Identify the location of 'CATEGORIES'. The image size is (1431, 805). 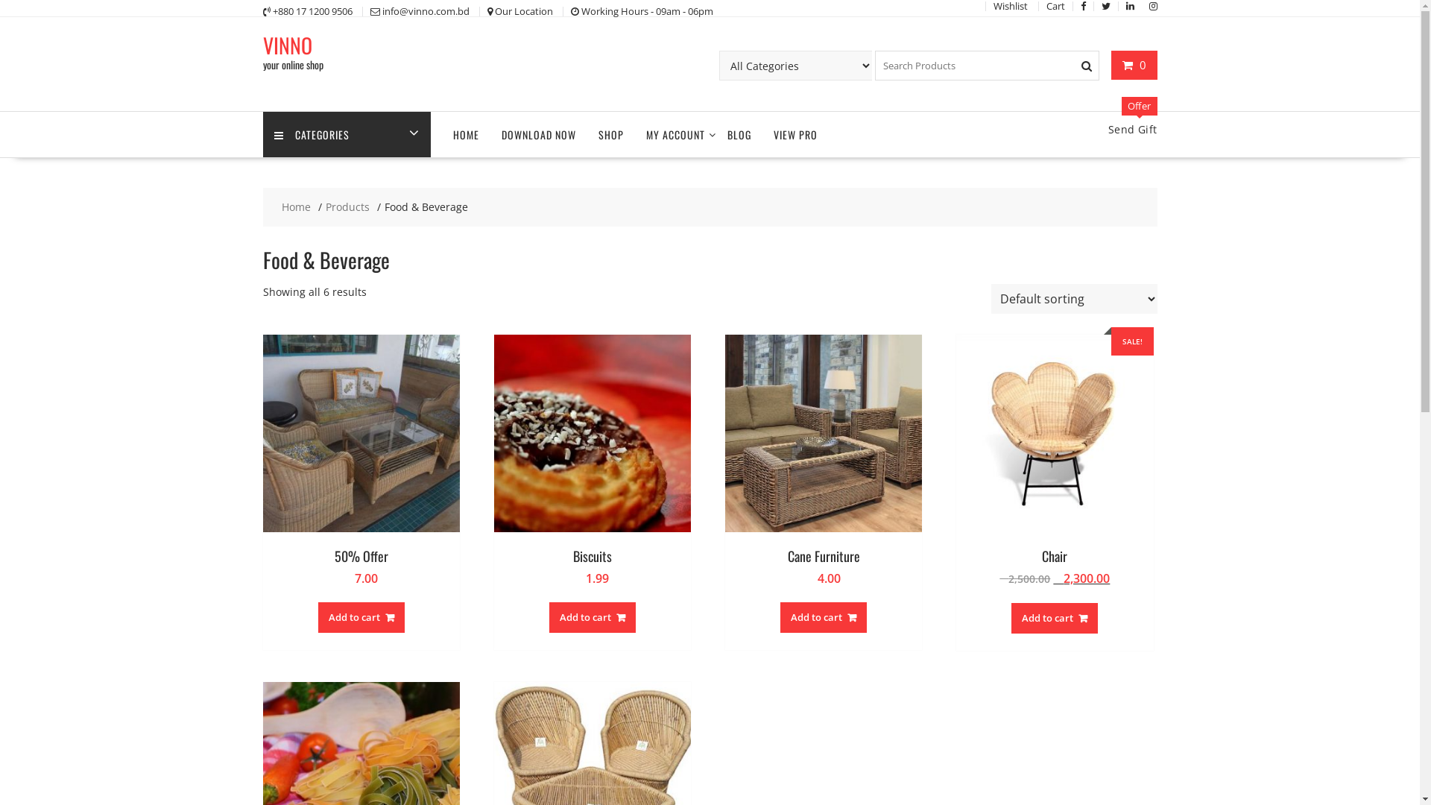
(345, 134).